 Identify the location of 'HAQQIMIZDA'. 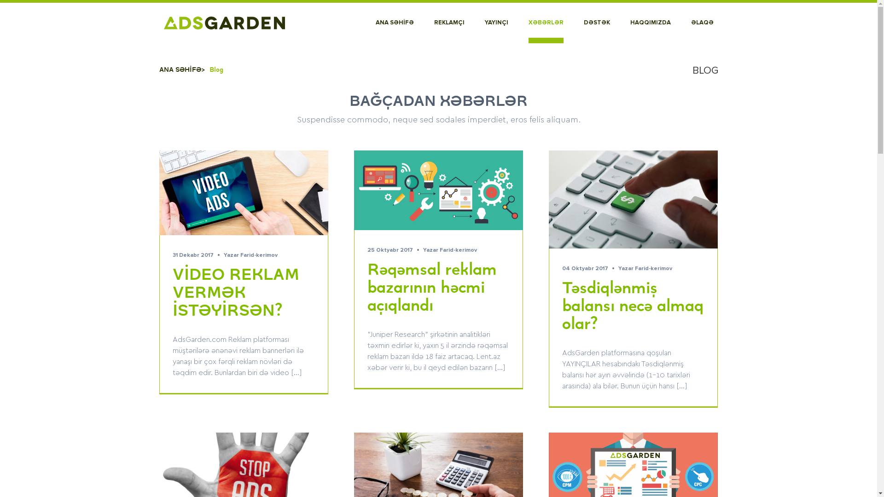
(649, 23).